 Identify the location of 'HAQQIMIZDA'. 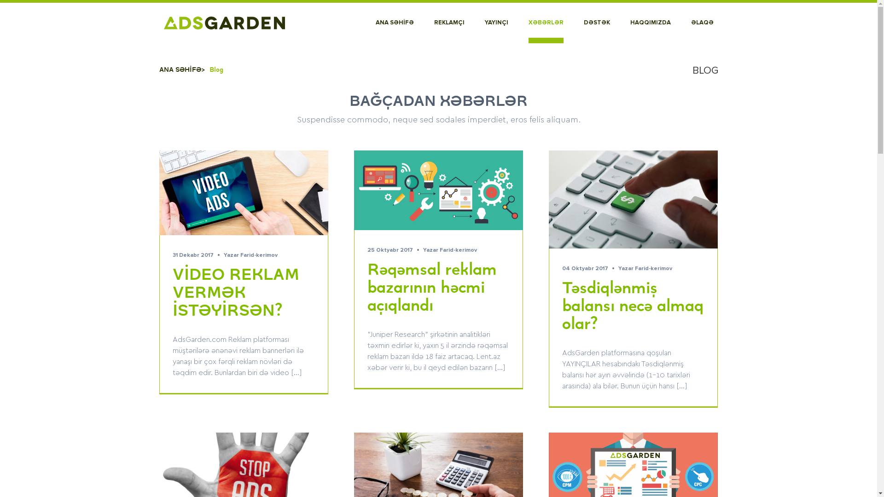
(649, 23).